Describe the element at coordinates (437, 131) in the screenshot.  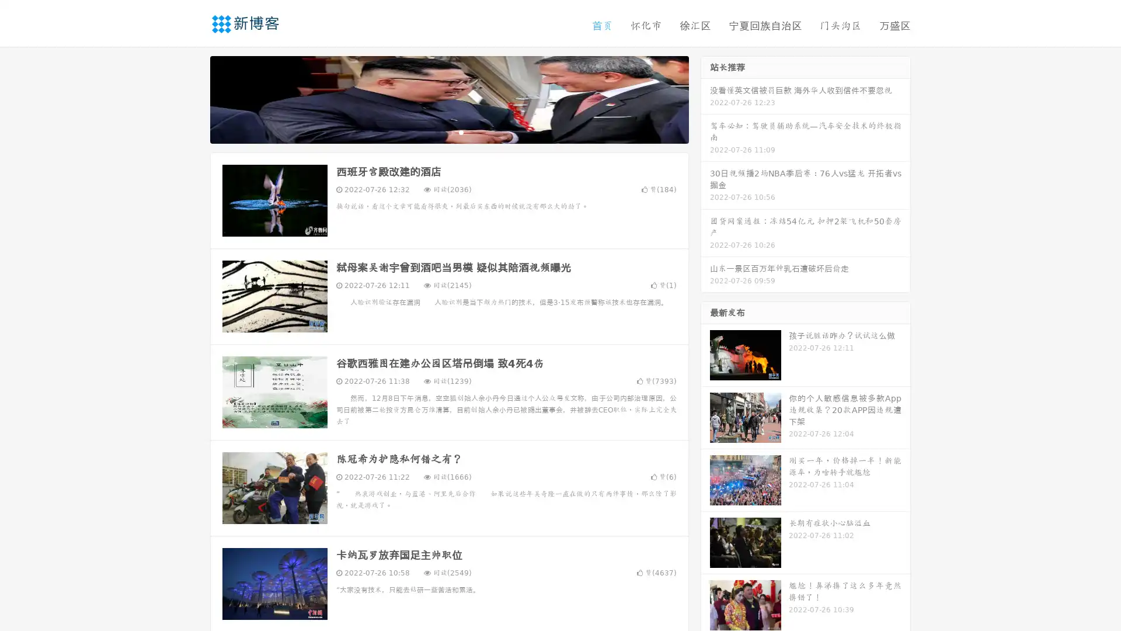
I see `Go to slide 1` at that location.